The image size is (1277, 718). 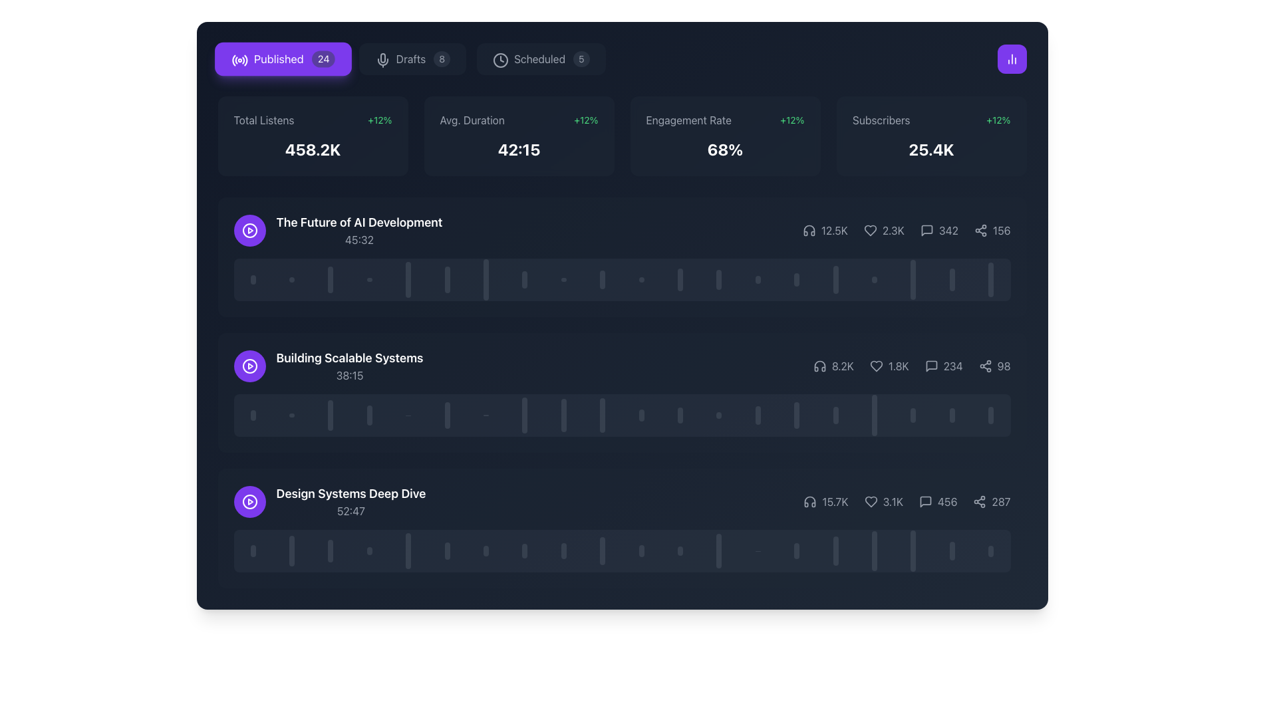 I want to click on the vertical slider, so click(x=835, y=542).